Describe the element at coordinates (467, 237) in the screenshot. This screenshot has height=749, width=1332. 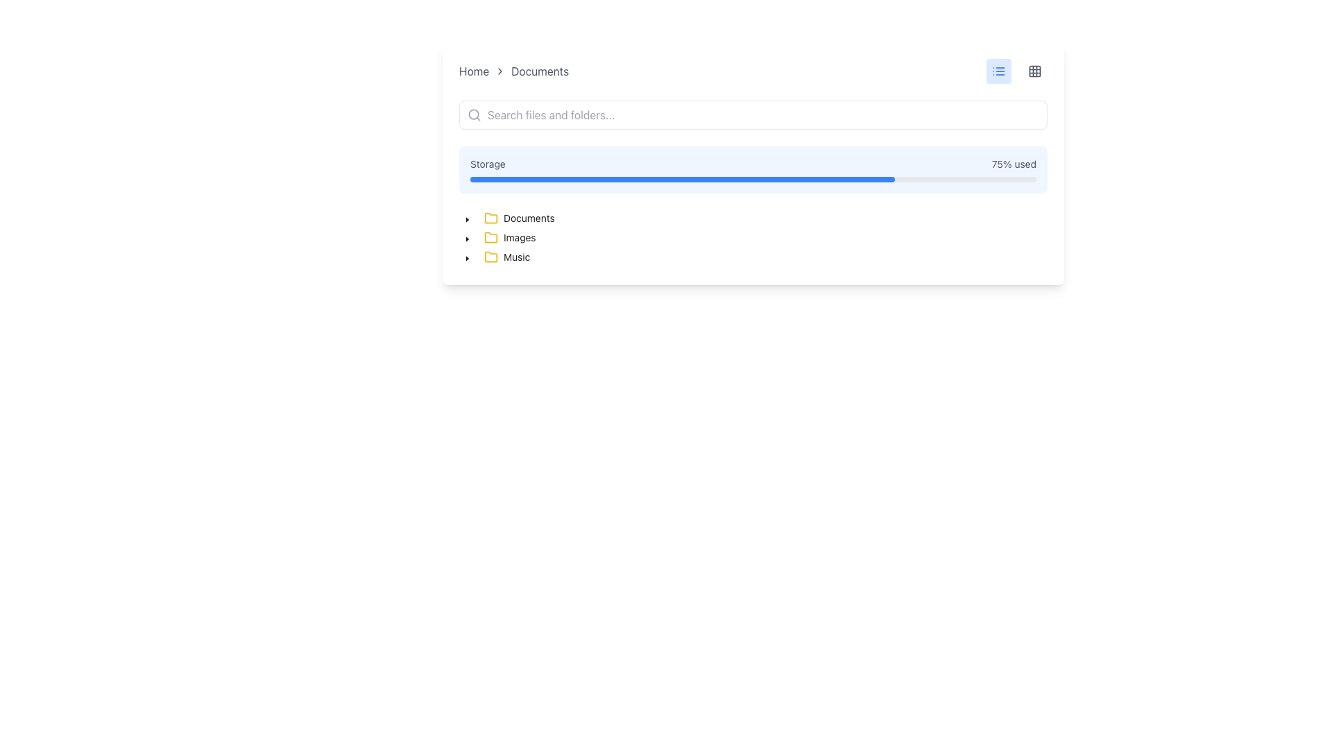
I see `the Disclosure Triangle` at that location.